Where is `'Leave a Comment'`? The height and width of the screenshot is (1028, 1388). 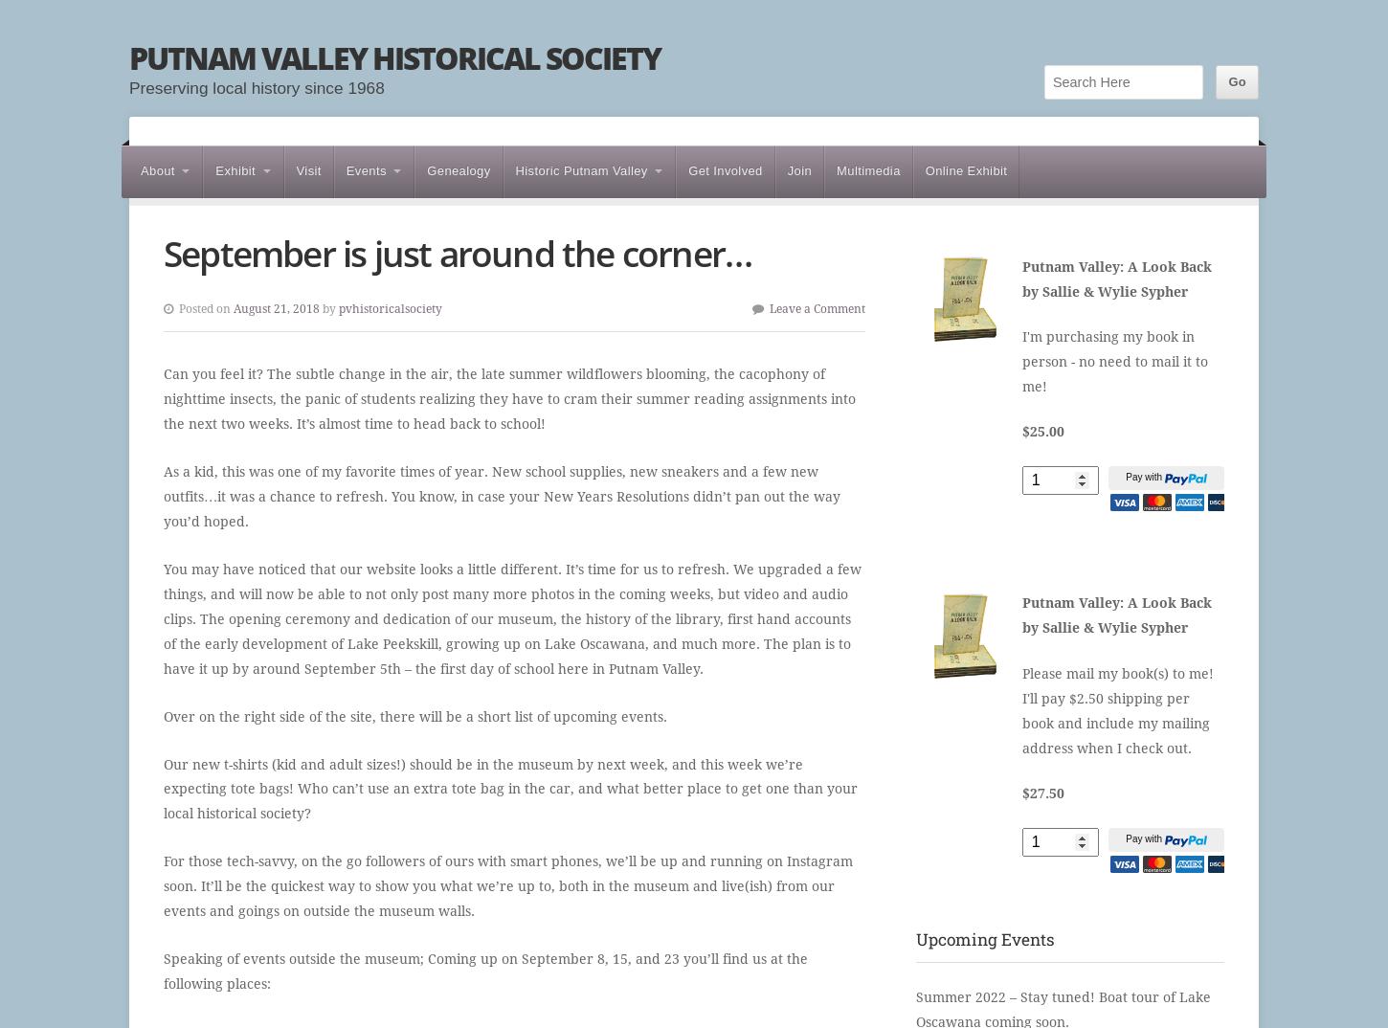 'Leave a Comment' is located at coordinates (817, 307).